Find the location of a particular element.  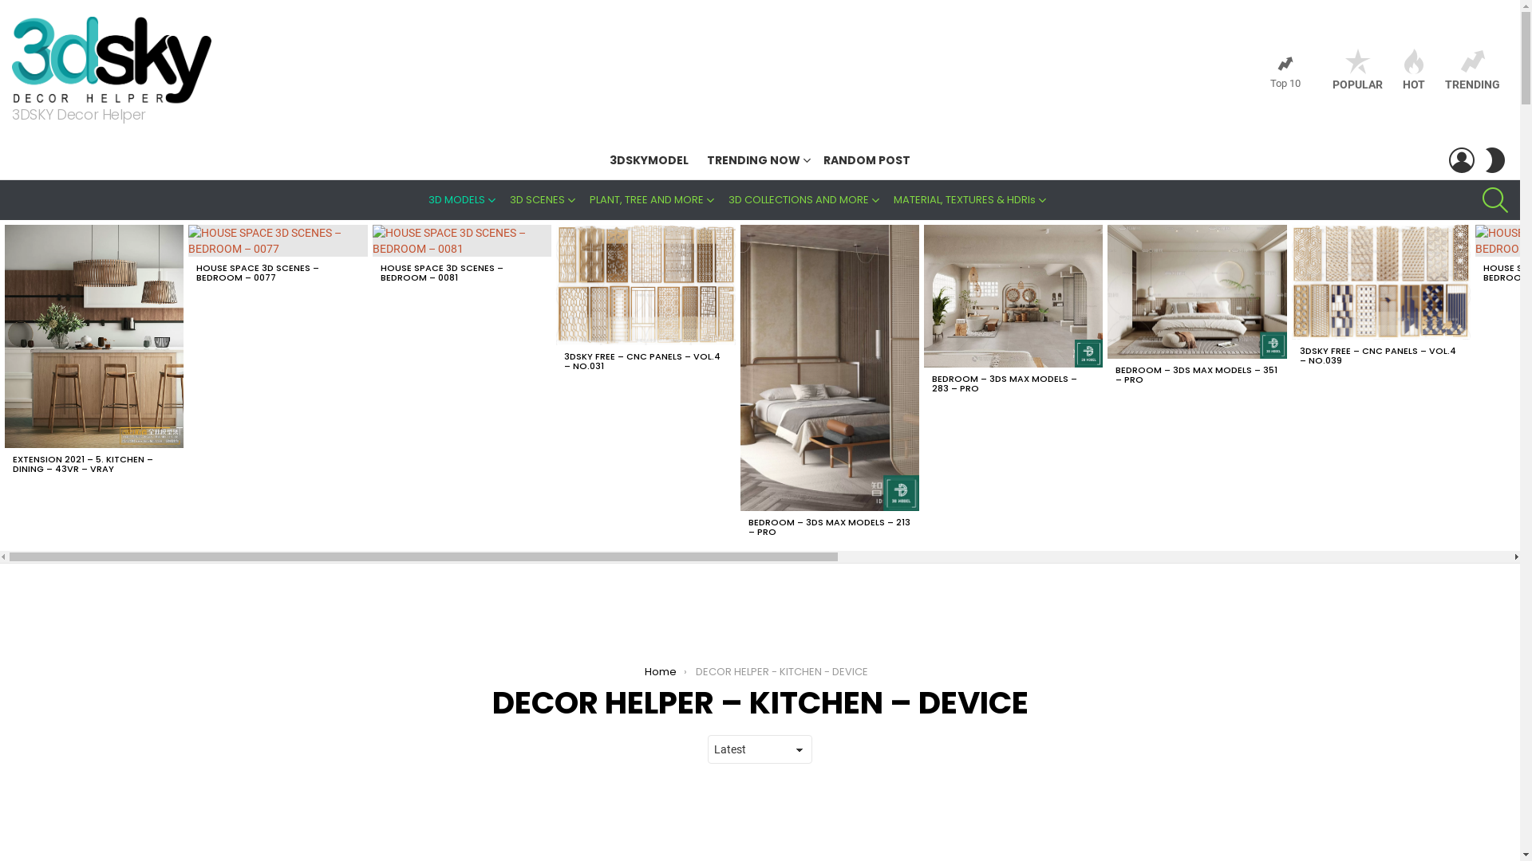

'MATERIAL, TEXTURES & HDRIs' is located at coordinates (970, 199).